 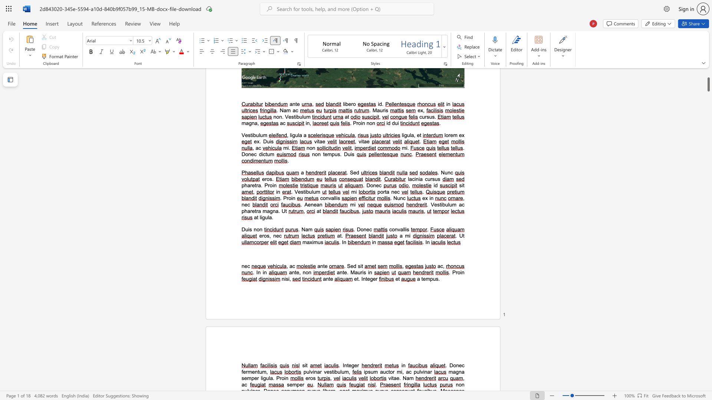 What do you see at coordinates (357, 279) in the screenshot?
I see `the 1th character "t" in the text` at bounding box center [357, 279].